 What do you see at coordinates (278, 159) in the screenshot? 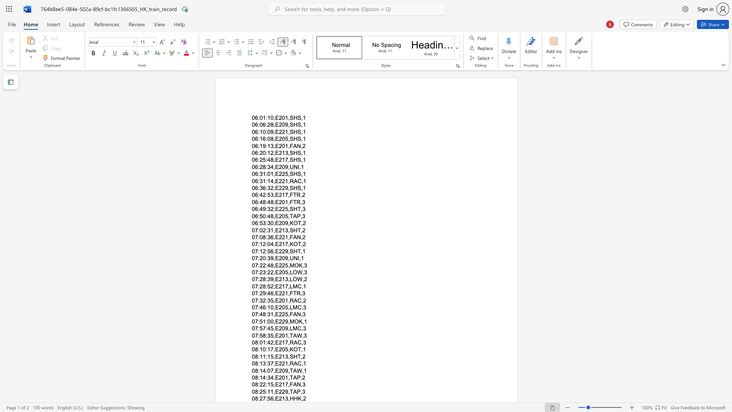
I see `the space between the continuous character "E" and "2" in the text` at bounding box center [278, 159].